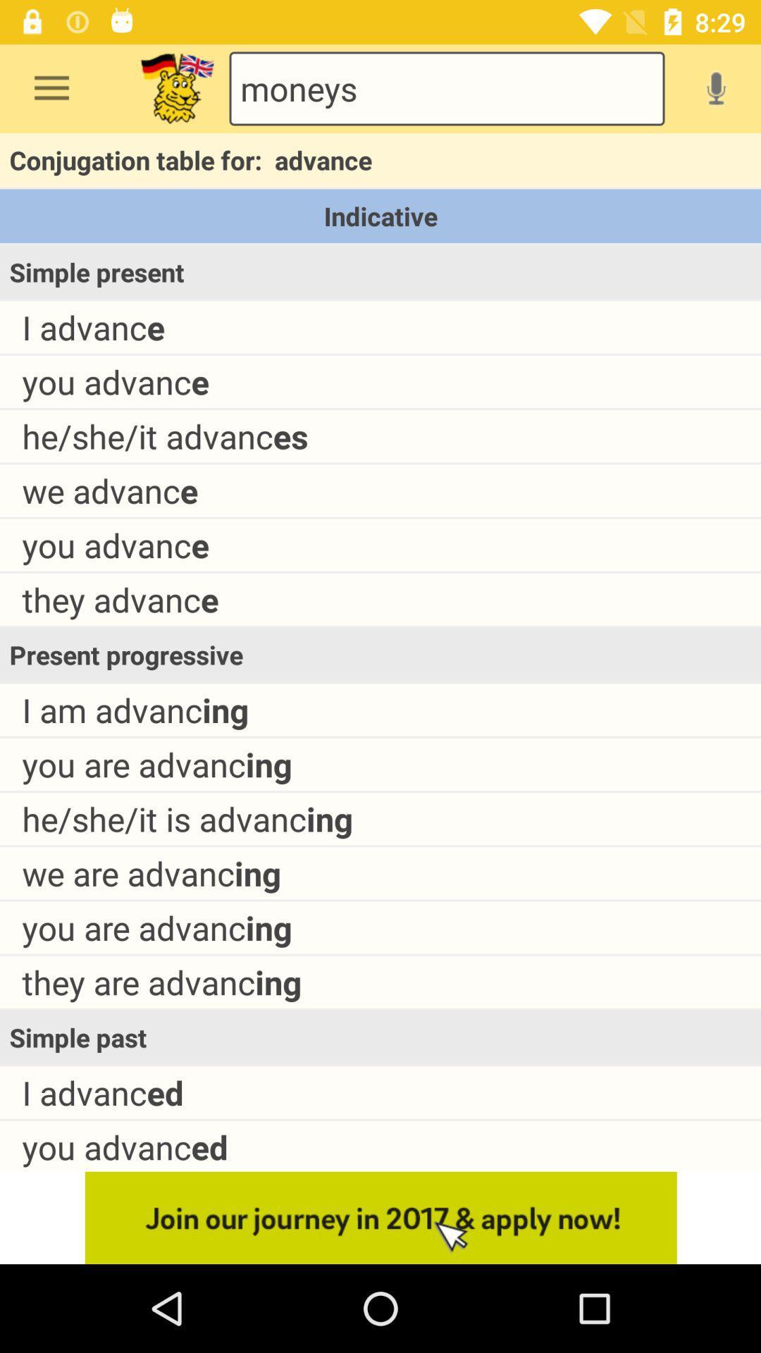 Image resolution: width=761 pixels, height=1353 pixels. What do you see at coordinates (176, 87) in the screenshot?
I see `logo` at bounding box center [176, 87].